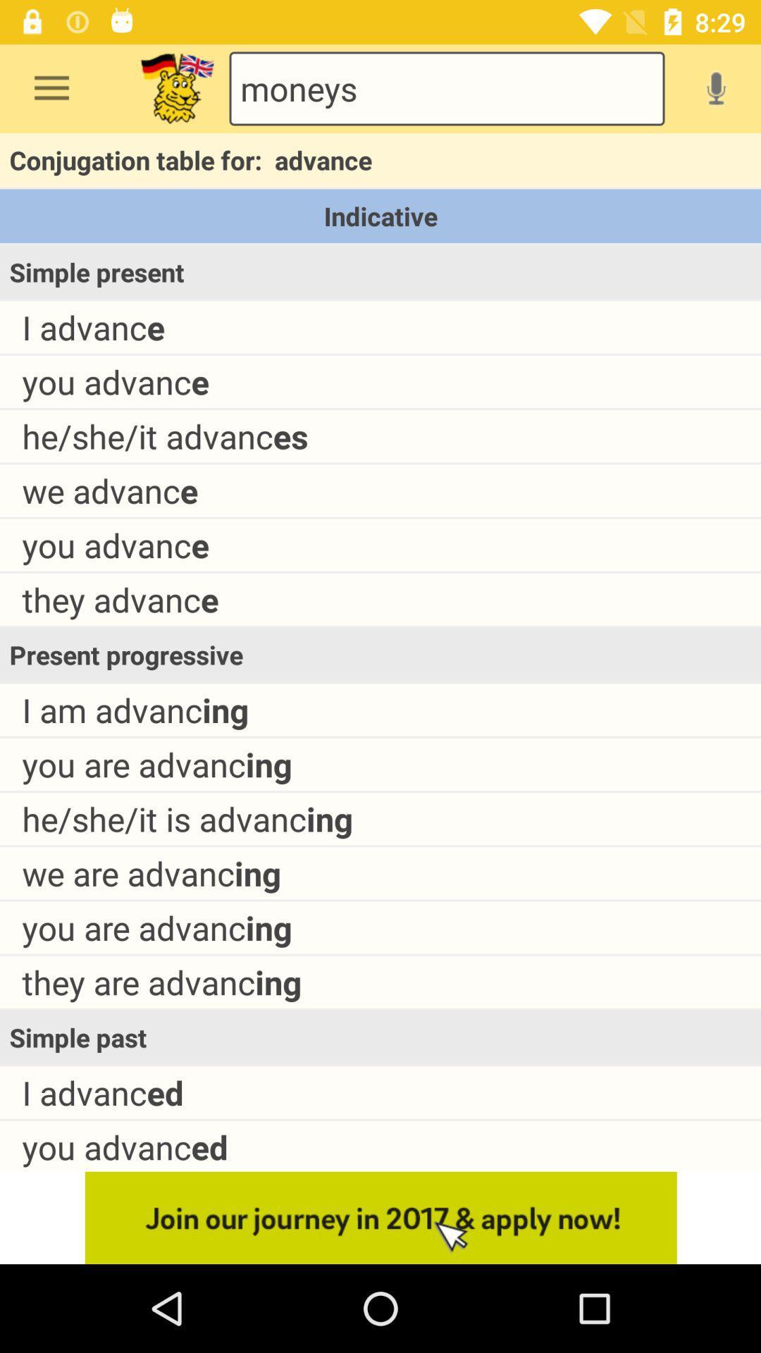 Image resolution: width=761 pixels, height=1353 pixels. What do you see at coordinates (176, 87) in the screenshot?
I see `logo` at bounding box center [176, 87].